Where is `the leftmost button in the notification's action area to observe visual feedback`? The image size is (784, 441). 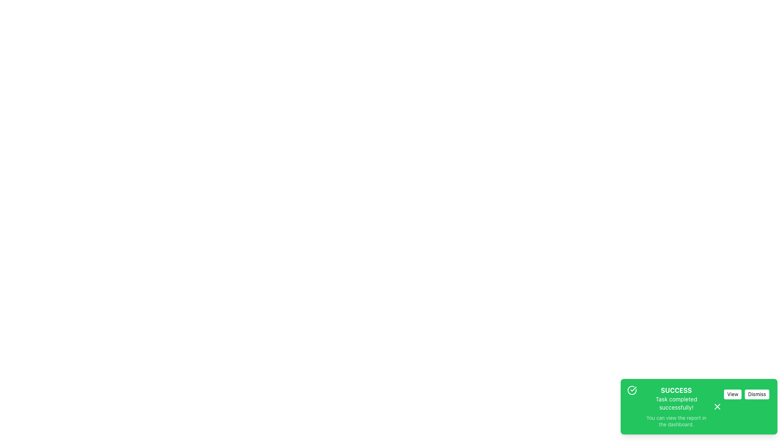 the leftmost button in the notification's action area to observe visual feedback is located at coordinates (733, 394).